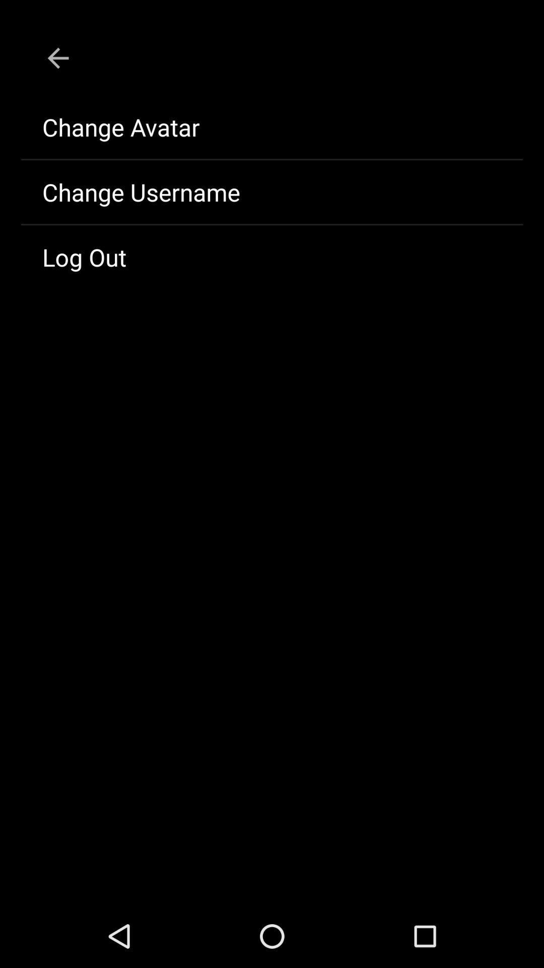 Image resolution: width=544 pixels, height=968 pixels. Describe the element at coordinates (272, 192) in the screenshot. I see `icon above the log out item` at that location.